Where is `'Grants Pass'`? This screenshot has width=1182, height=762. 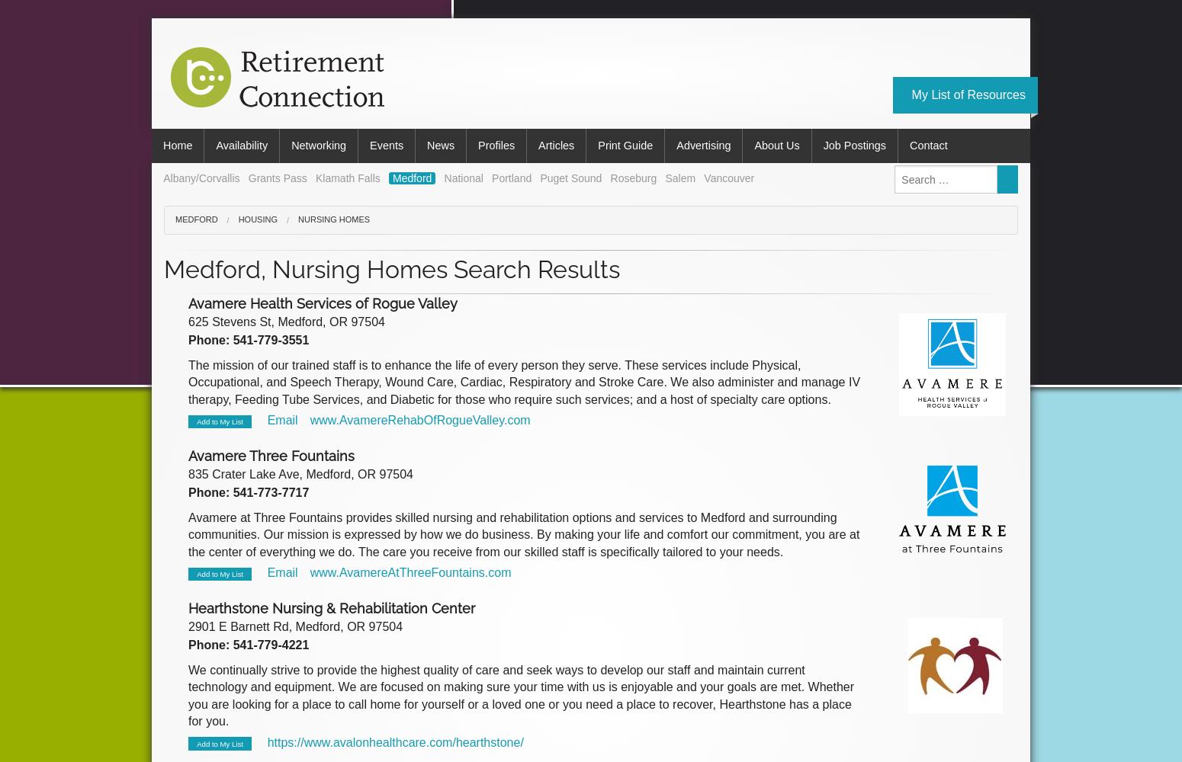 'Grants Pass' is located at coordinates (276, 177).